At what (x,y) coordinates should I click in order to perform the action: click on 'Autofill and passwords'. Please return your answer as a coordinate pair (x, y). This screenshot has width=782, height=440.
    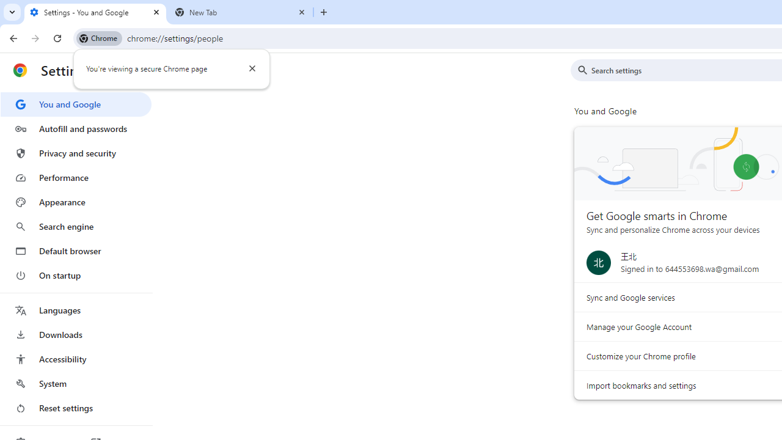
    Looking at the image, I should click on (75, 128).